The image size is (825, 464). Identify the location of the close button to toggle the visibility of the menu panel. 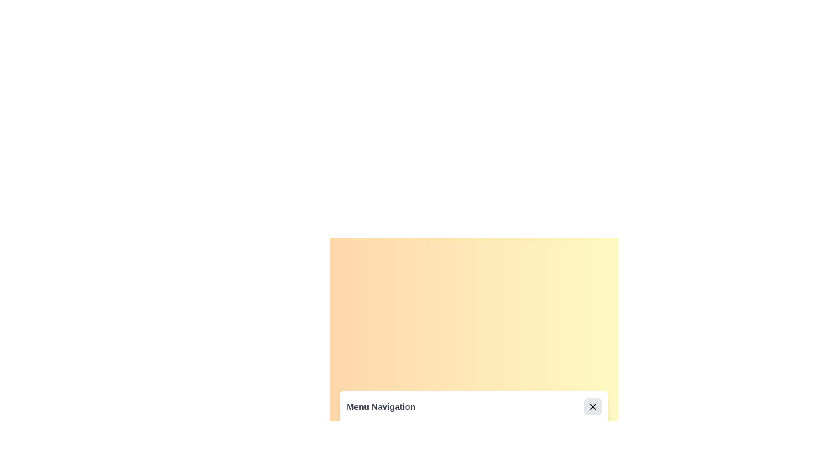
(593, 406).